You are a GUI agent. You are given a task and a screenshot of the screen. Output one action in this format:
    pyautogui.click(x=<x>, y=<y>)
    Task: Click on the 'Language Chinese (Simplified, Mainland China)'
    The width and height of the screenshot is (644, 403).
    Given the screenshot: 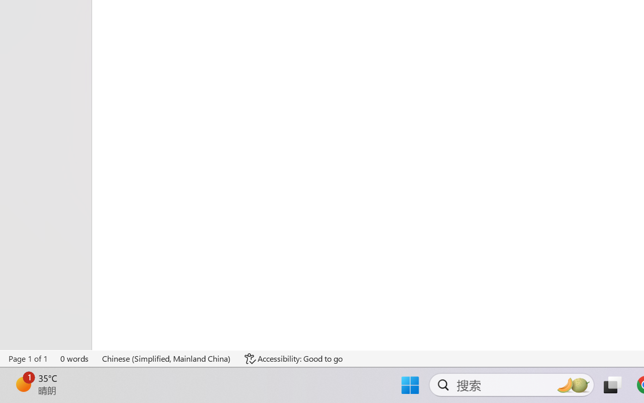 What is the action you would take?
    pyautogui.click(x=167, y=358)
    